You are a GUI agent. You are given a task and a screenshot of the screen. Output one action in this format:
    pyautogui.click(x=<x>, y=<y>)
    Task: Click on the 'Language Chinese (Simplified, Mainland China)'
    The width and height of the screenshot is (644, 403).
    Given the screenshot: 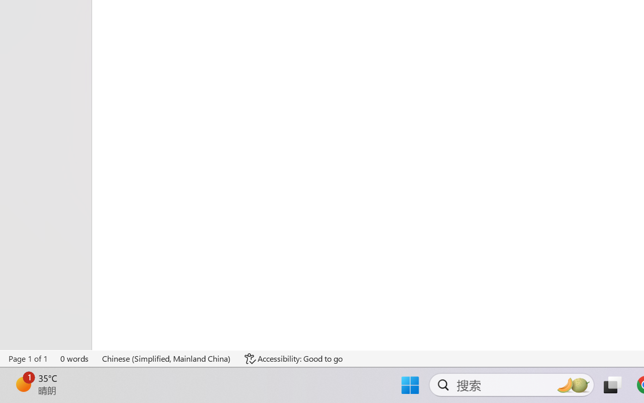 What is the action you would take?
    pyautogui.click(x=167, y=358)
    